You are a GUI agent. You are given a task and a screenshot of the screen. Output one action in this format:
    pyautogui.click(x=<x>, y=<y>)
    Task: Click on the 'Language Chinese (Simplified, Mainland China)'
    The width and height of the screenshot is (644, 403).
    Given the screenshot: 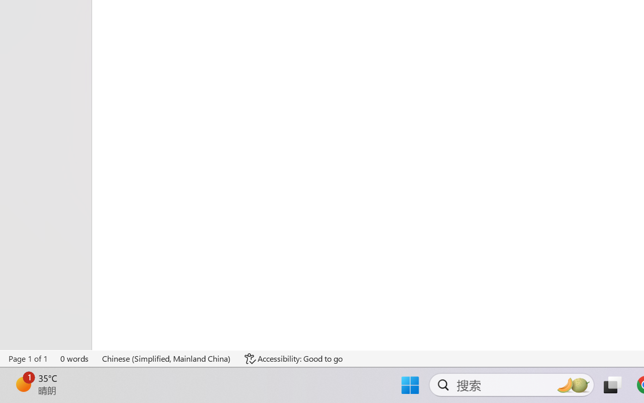 What is the action you would take?
    pyautogui.click(x=167, y=358)
    